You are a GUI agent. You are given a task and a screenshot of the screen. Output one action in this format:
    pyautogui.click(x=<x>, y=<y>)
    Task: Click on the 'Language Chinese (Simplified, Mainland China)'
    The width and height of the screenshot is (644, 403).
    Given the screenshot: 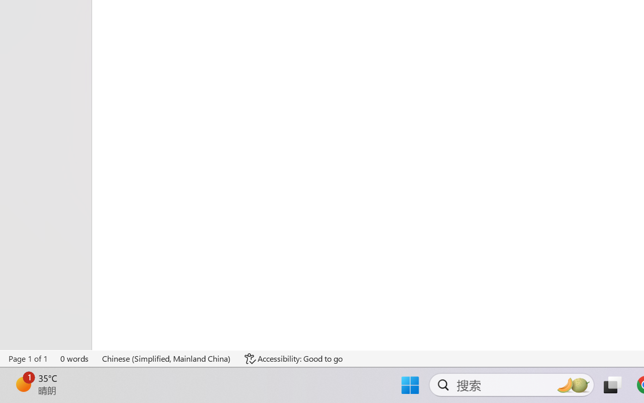 What is the action you would take?
    pyautogui.click(x=167, y=358)
    